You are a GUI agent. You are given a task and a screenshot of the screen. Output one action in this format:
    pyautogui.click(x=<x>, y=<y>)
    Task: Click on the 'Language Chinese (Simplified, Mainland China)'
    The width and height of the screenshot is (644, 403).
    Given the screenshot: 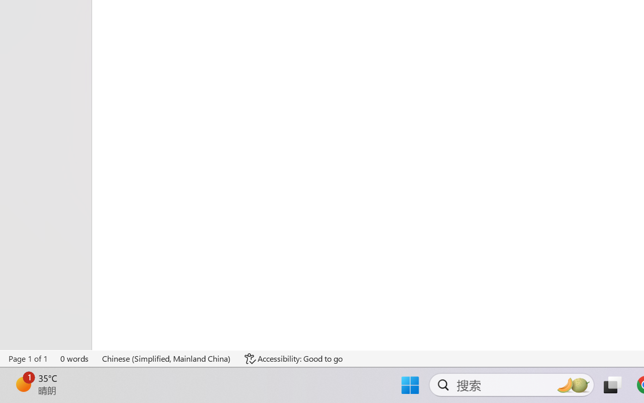 What is the action you would take?
    pyautogui.click(x=167, y=358)
    